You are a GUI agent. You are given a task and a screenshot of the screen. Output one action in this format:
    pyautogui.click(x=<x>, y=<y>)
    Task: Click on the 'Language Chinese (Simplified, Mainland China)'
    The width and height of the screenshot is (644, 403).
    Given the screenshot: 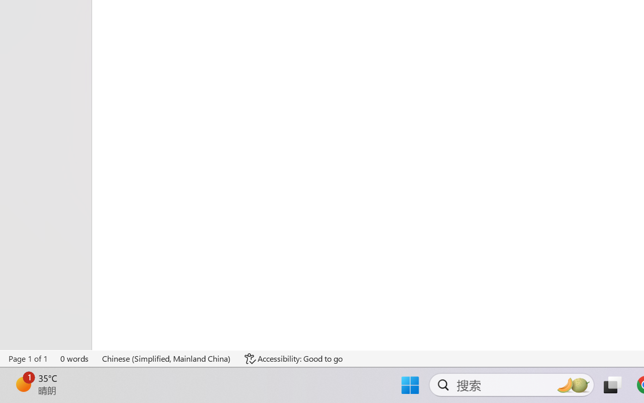 What is the action you would take?
    pyautogui.click(x=167, y=358)
    